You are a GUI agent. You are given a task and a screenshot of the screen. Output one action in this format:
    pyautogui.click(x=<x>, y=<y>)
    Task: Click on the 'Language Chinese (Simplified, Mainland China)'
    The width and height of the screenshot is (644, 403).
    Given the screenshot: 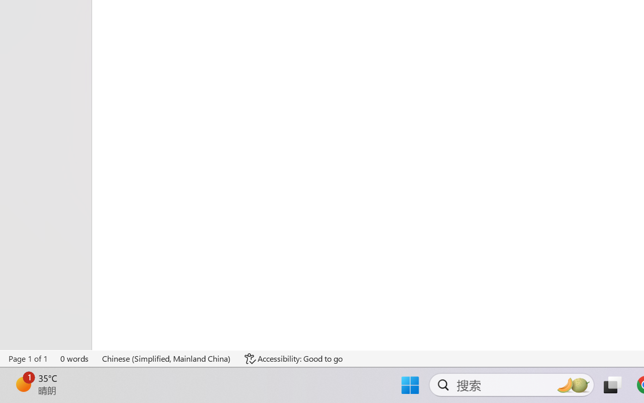 What is the action you would take?
    pyautogui.click(x=167, y=358)
    